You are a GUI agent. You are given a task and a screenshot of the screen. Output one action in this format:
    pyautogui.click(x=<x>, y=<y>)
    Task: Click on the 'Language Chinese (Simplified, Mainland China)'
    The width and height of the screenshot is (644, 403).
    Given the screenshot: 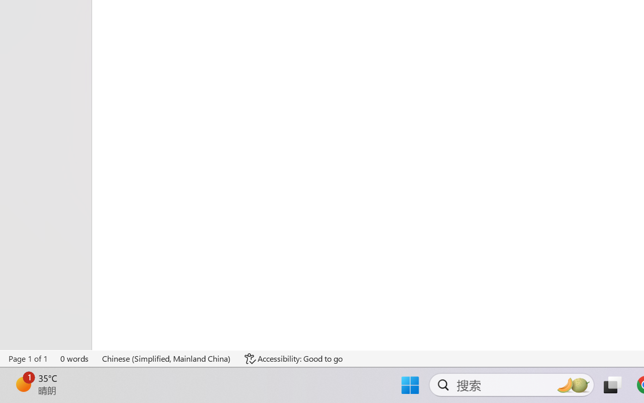 What is the action you would take?
    pyautogui.click(x=167, y=358)
    